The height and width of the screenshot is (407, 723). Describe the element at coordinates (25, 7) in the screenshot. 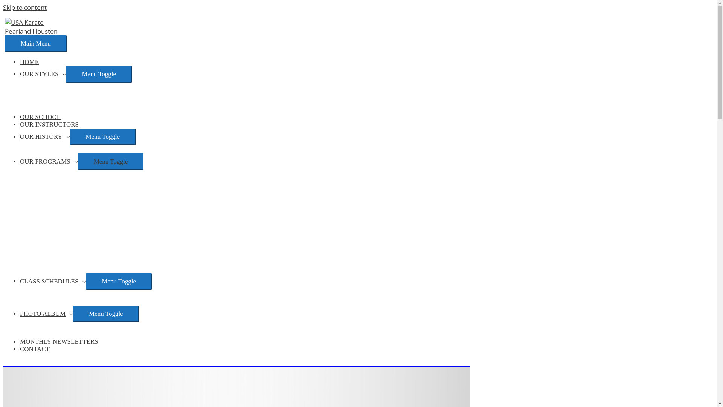

I see `'Skip to content'` at that location.